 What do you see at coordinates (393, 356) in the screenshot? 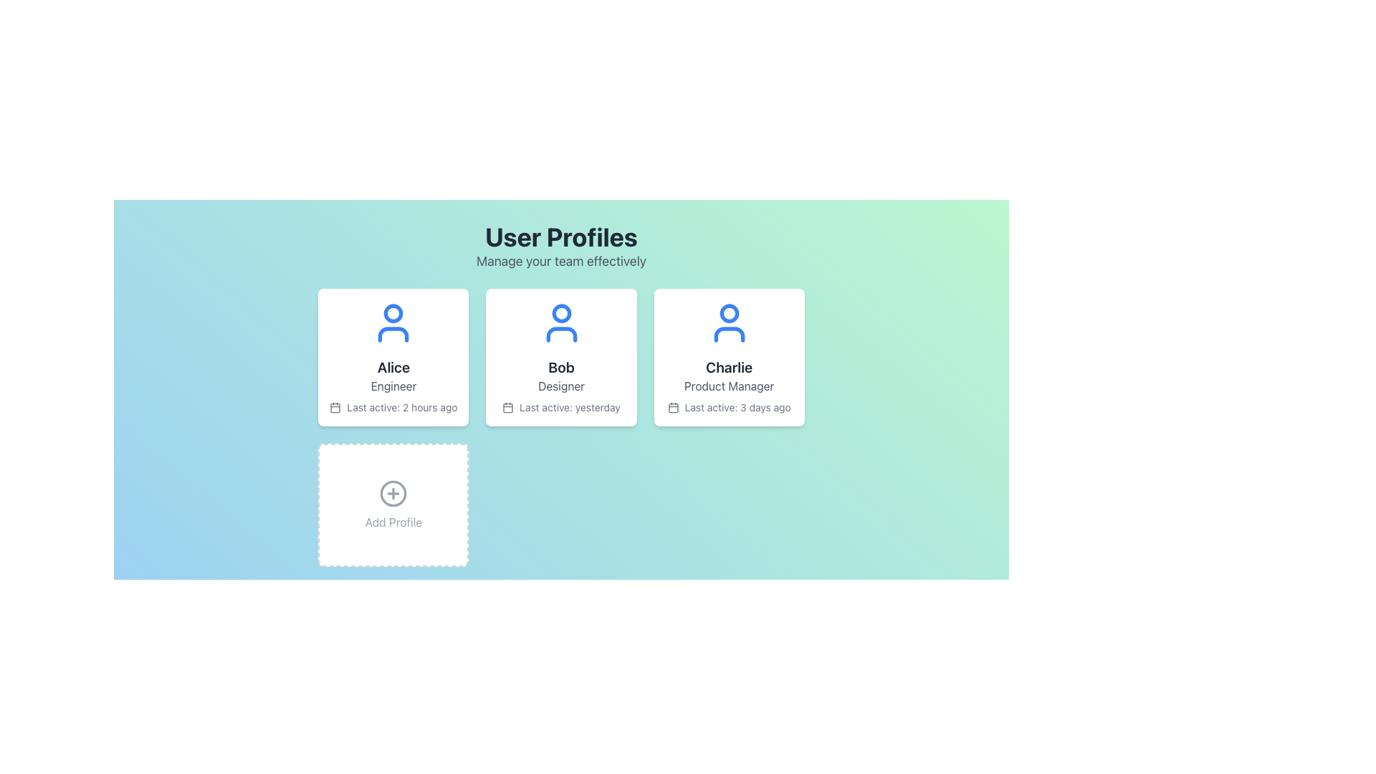
I see `the user profile card for Alice, which is the leftmost card in a set of three horizontally aligned profile cards` at bounding box center [393, 356].